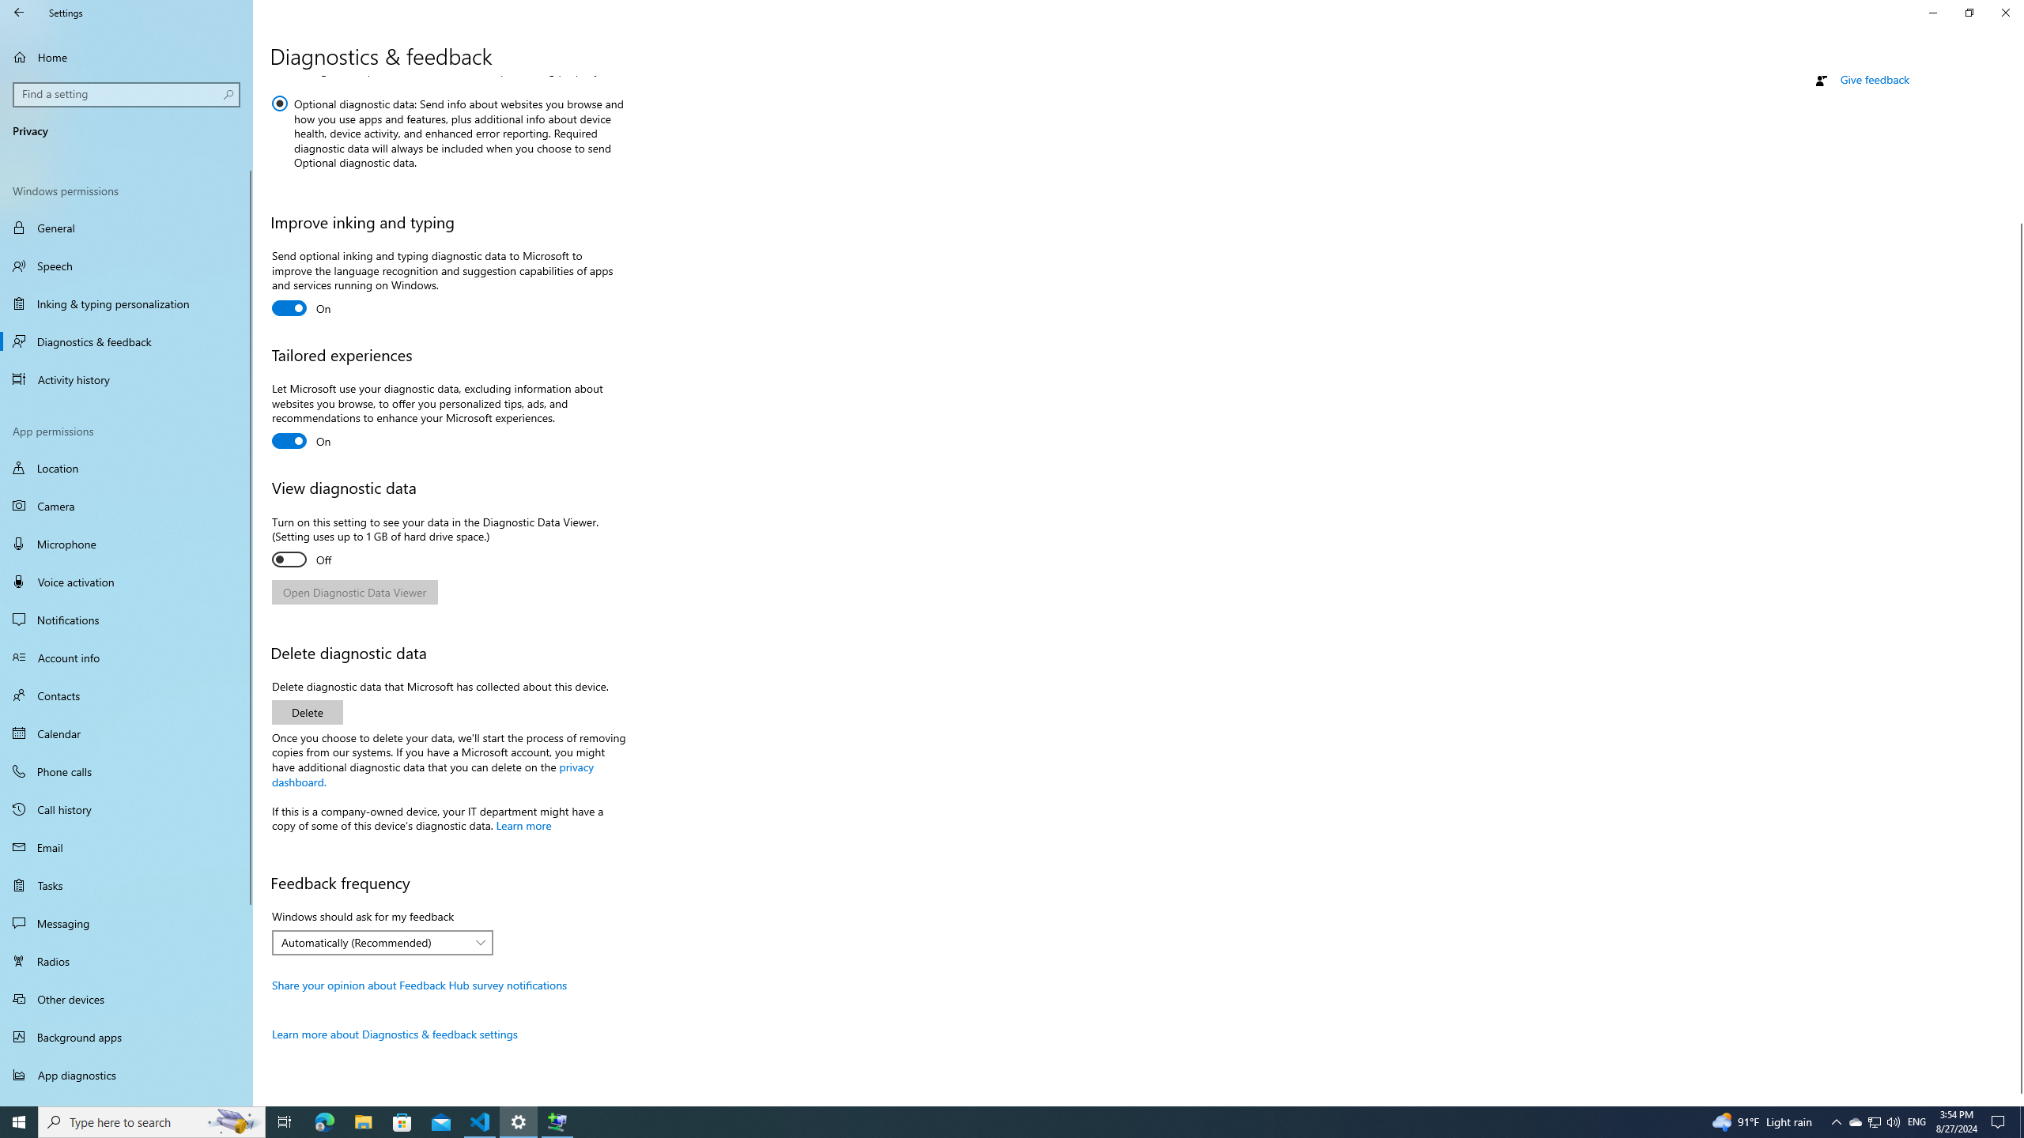 Image resolution: width=2024 pixels, height=1138 pixels. I want to click on 'Vertical', so click(2017, 590).